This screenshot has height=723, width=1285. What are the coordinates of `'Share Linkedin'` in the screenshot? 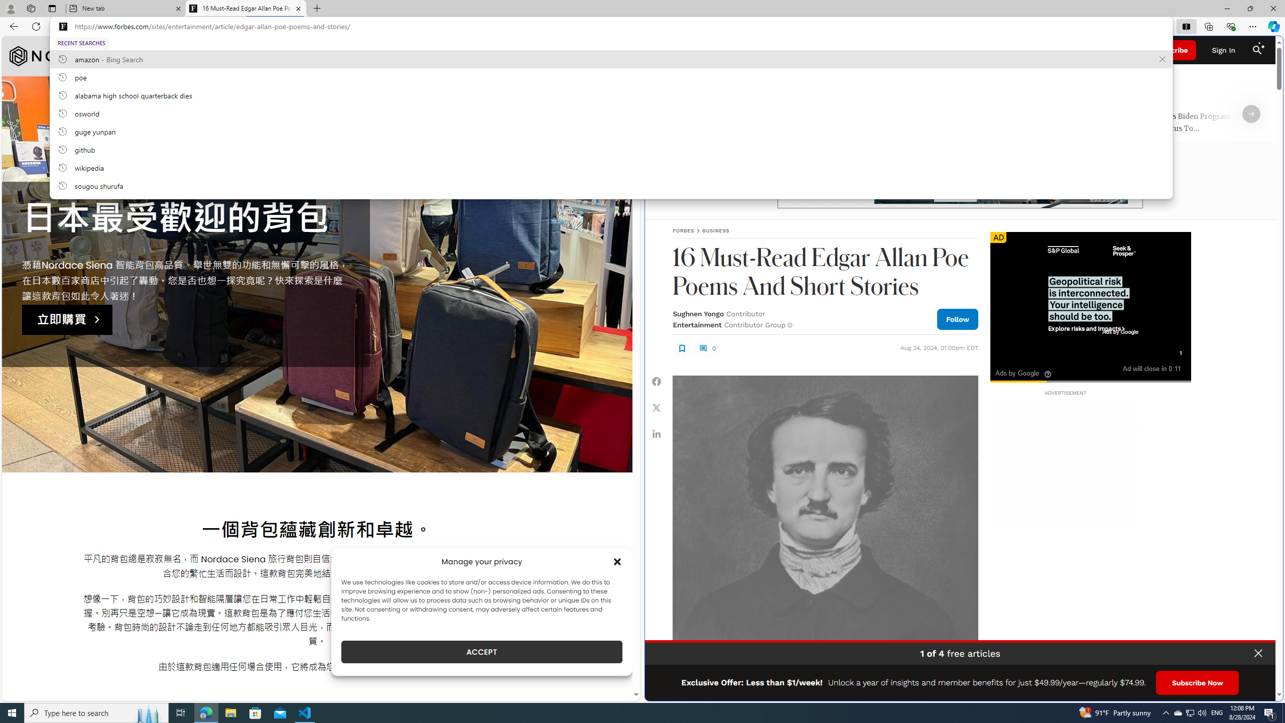 It's located at (657, 433).